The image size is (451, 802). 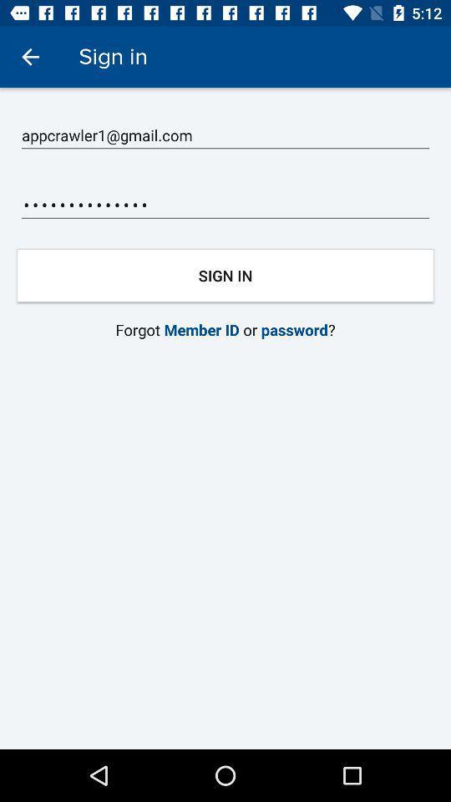 What do you see at coordinates (225, 205) in the screenshot?
I see `the icon below the appcrawler1@gmail.com item` at bounding box center [225, 205].